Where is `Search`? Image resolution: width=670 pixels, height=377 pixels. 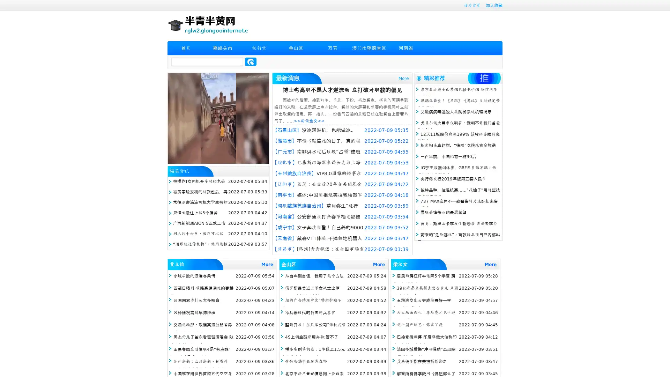
Search is located at coordinates (251, 61).